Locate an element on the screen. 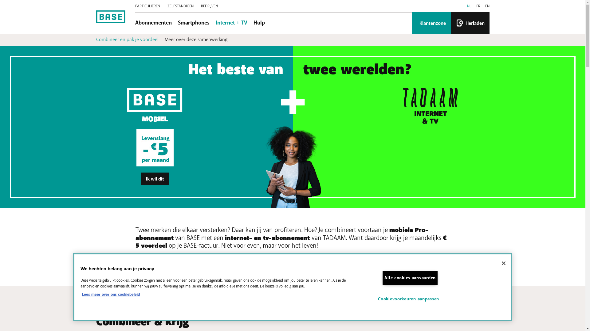  'FR' is located at coordinates (478, 6).